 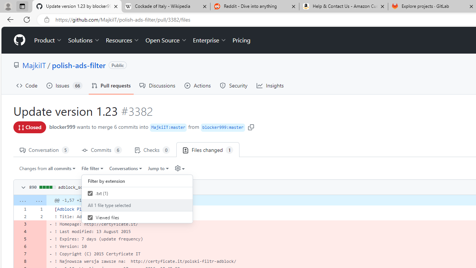 What do you see at coordinates (270, 85) in the screenshot?
I see `'Insights'` at bounding box center [270, 85].